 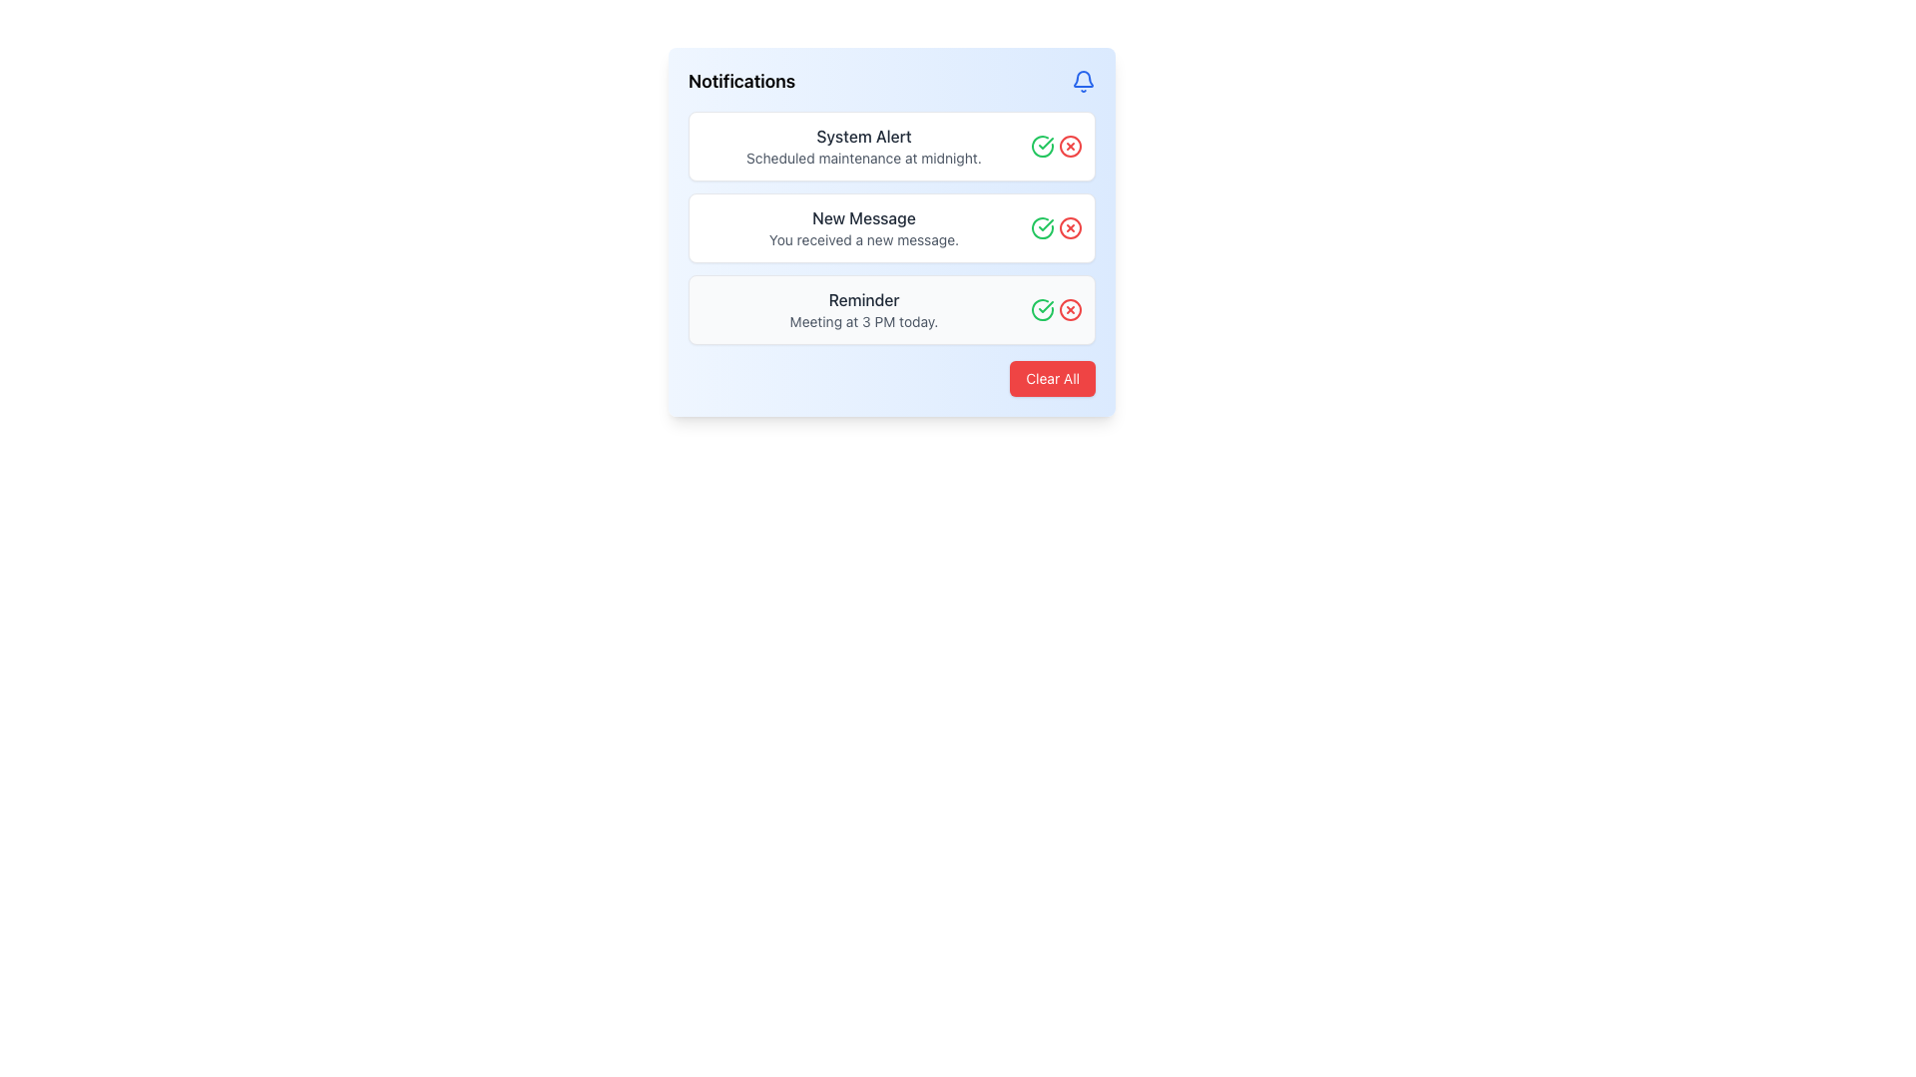 I want to click on the circular red button with a white background featuring a red 'X' icon, located on the far right side of the third row under the 'Reminder: Meeting at 3 PM today' section, so click(x=1070, y=310).